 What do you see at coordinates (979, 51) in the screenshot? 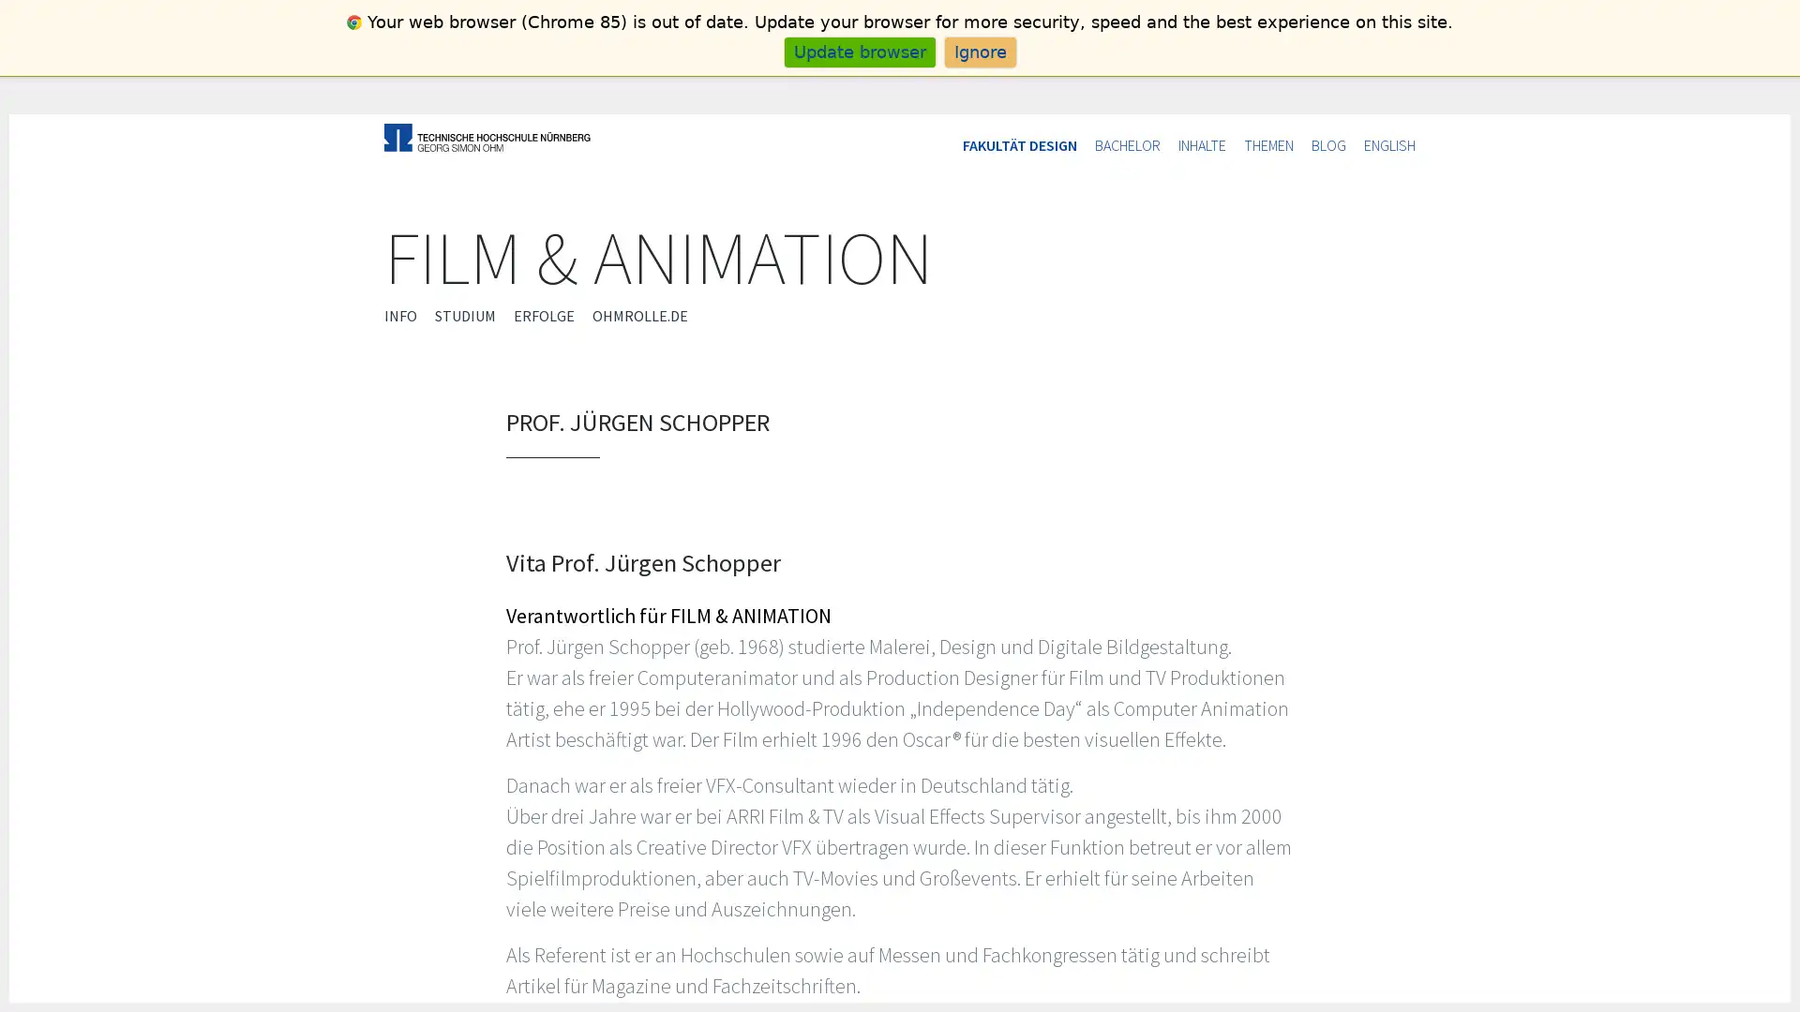
I see `Ignore` at bounding box center [979, 51].